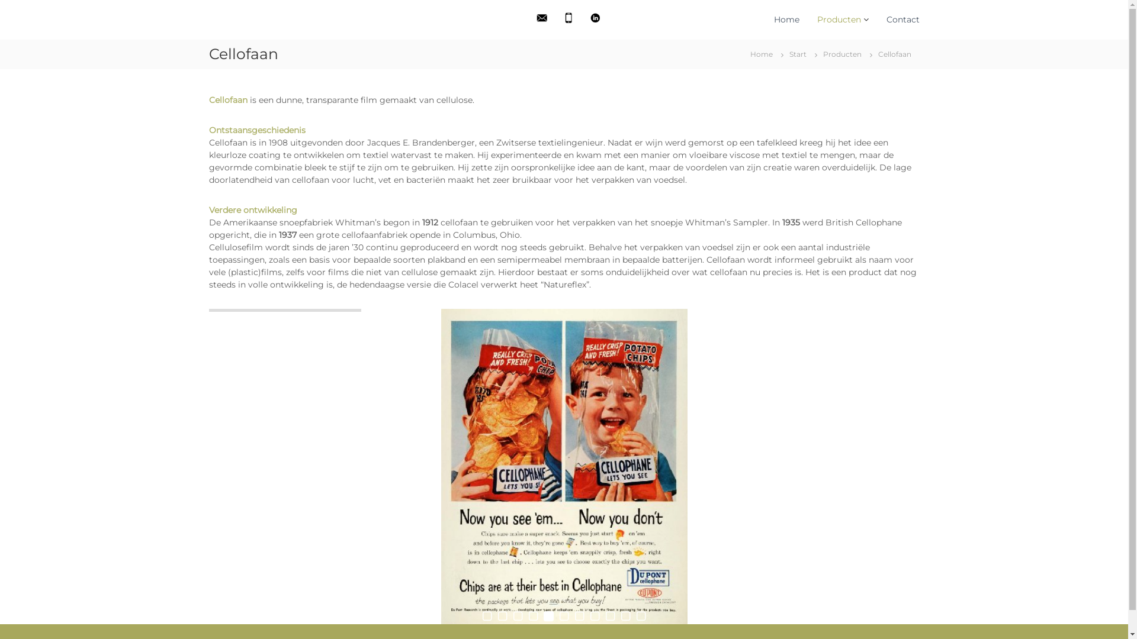 This screenshot has height=639, width=1137. I want to click on 'Stuur ons een e-mail', so click(541, 18).